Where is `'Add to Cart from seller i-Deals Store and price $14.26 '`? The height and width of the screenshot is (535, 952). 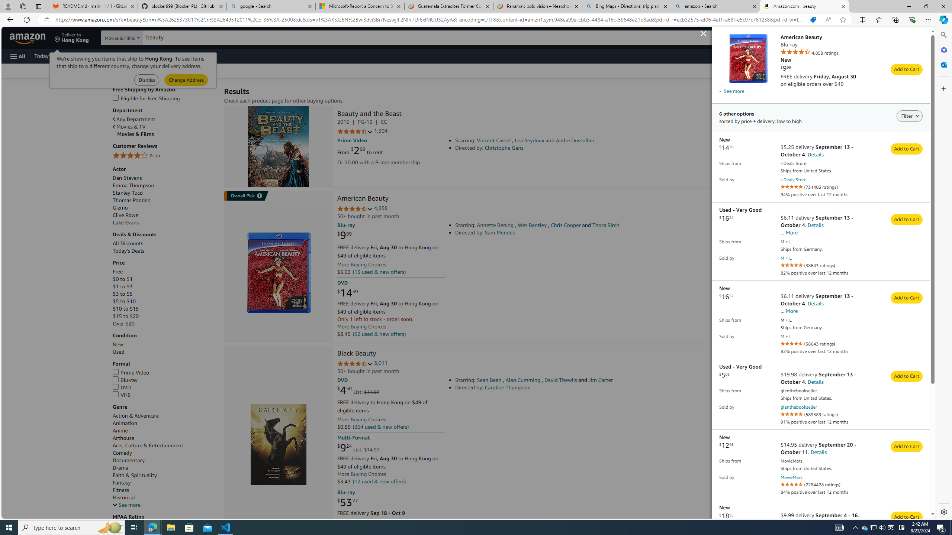
'Add to Cart from seller i-Deals Store and price $14.26 ' is located at coordinates (906, 149).